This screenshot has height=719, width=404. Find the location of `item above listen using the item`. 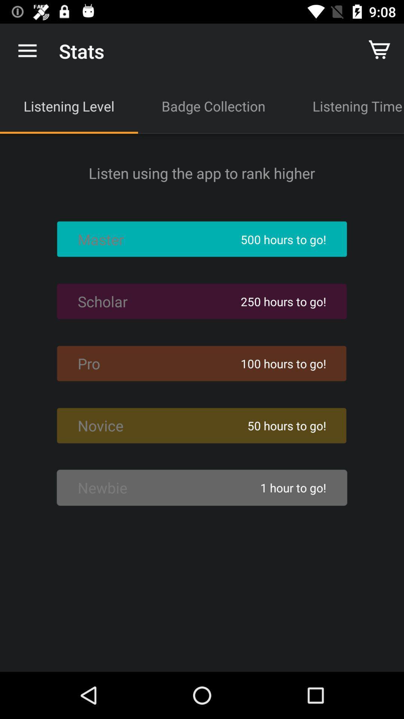

item above listen using the item is located at coordinates (346, 106).